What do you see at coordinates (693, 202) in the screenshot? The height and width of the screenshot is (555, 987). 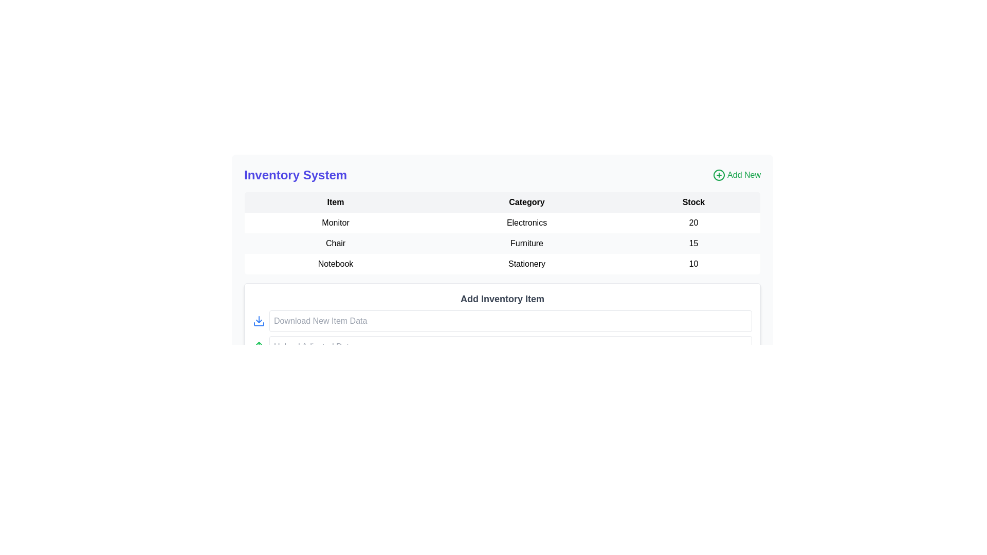 I see `the text label displaying 'Stock' in the top-right corner of the header row` at bounding box center [693, 202].